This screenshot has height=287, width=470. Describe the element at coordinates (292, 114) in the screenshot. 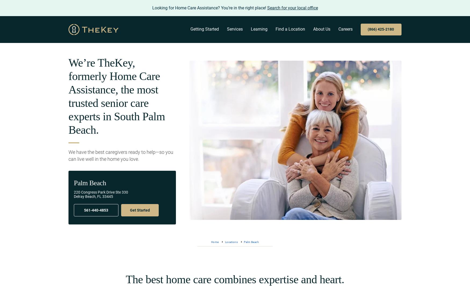

I see `'Press'` at that location.